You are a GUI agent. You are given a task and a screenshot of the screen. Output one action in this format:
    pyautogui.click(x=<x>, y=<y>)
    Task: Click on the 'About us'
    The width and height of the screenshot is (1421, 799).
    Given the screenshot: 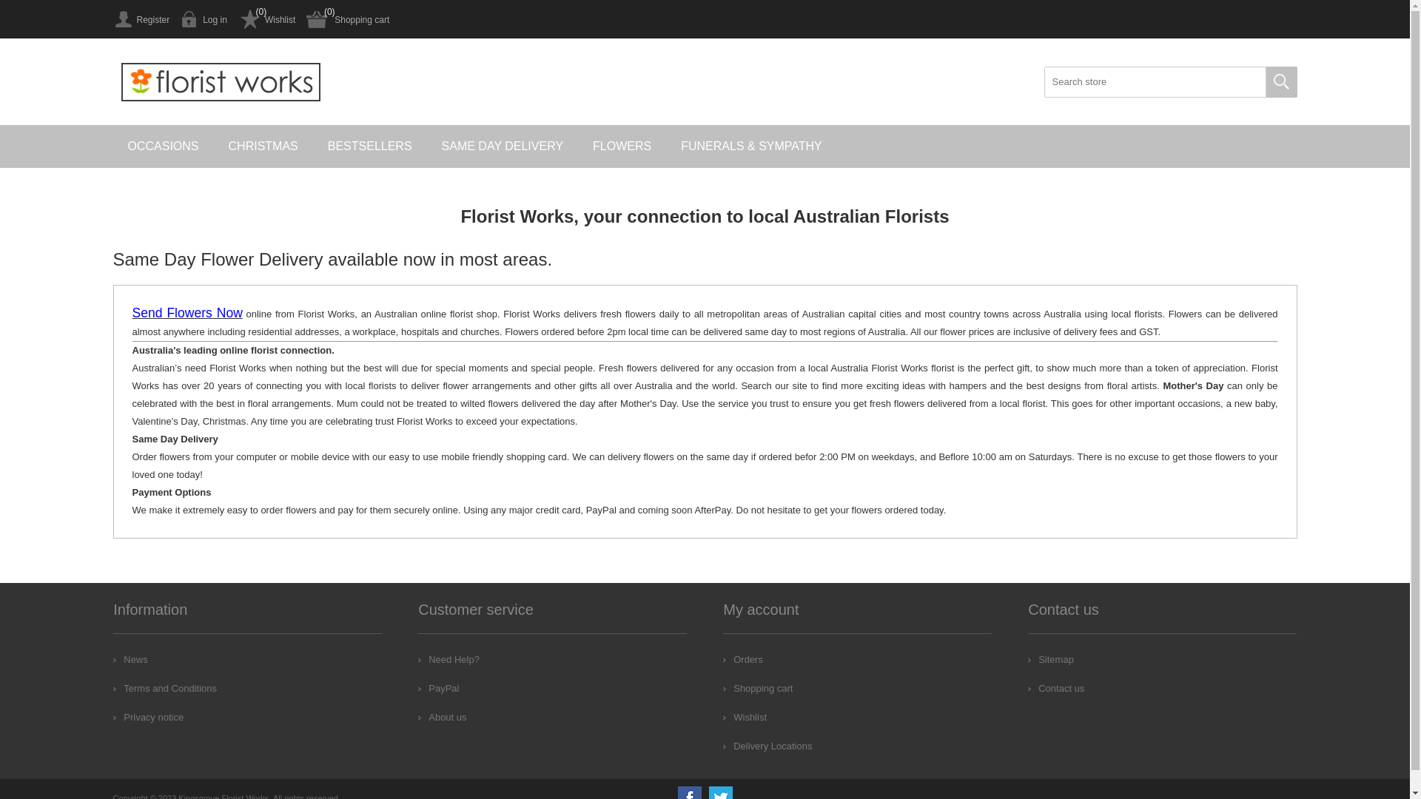 What is the action you would take?
    pyautogui.click(x=441, y=716)
    